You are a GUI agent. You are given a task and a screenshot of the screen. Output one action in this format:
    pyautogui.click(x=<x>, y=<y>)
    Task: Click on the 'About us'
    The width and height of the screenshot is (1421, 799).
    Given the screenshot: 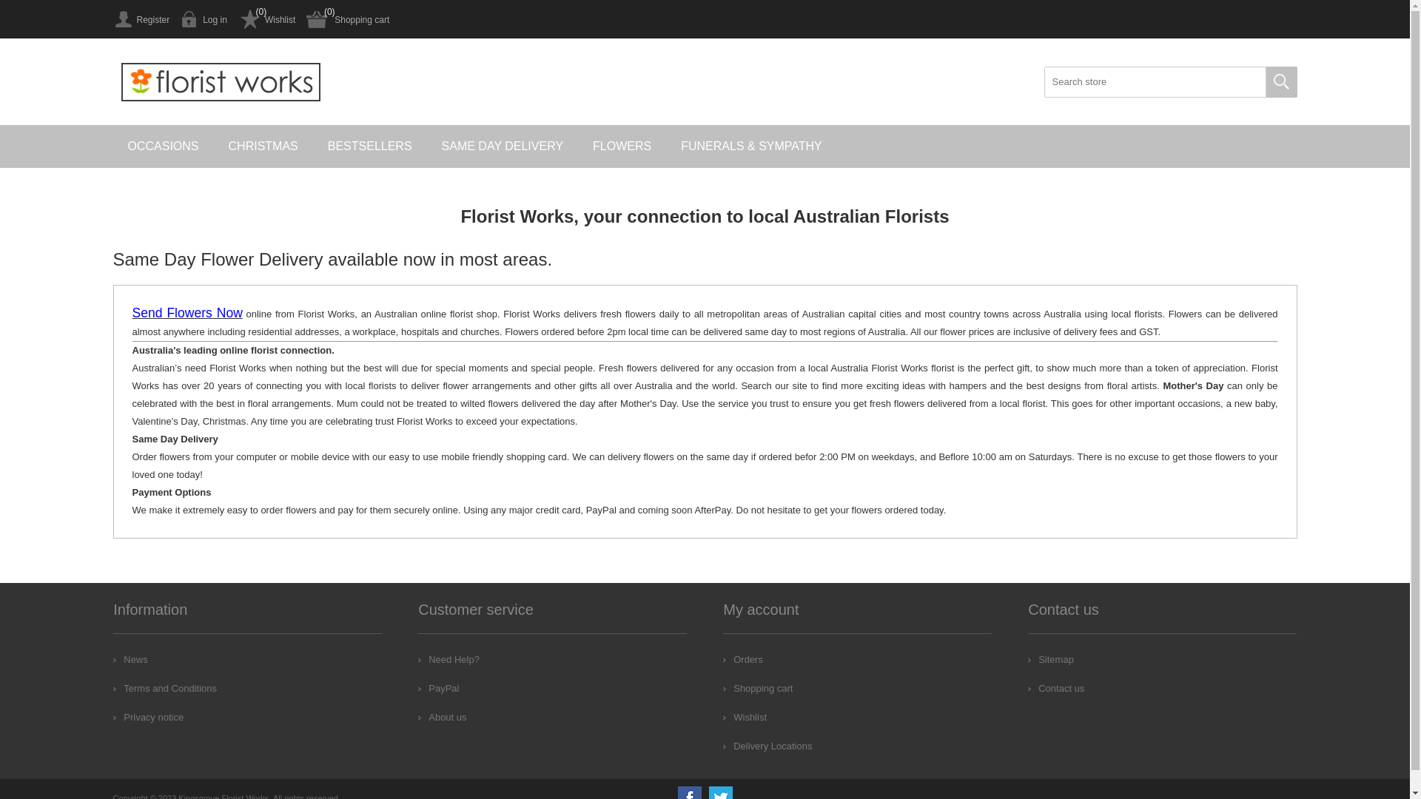 What is the action you would take?
    pyautogui.click(x=441, y=716)
    